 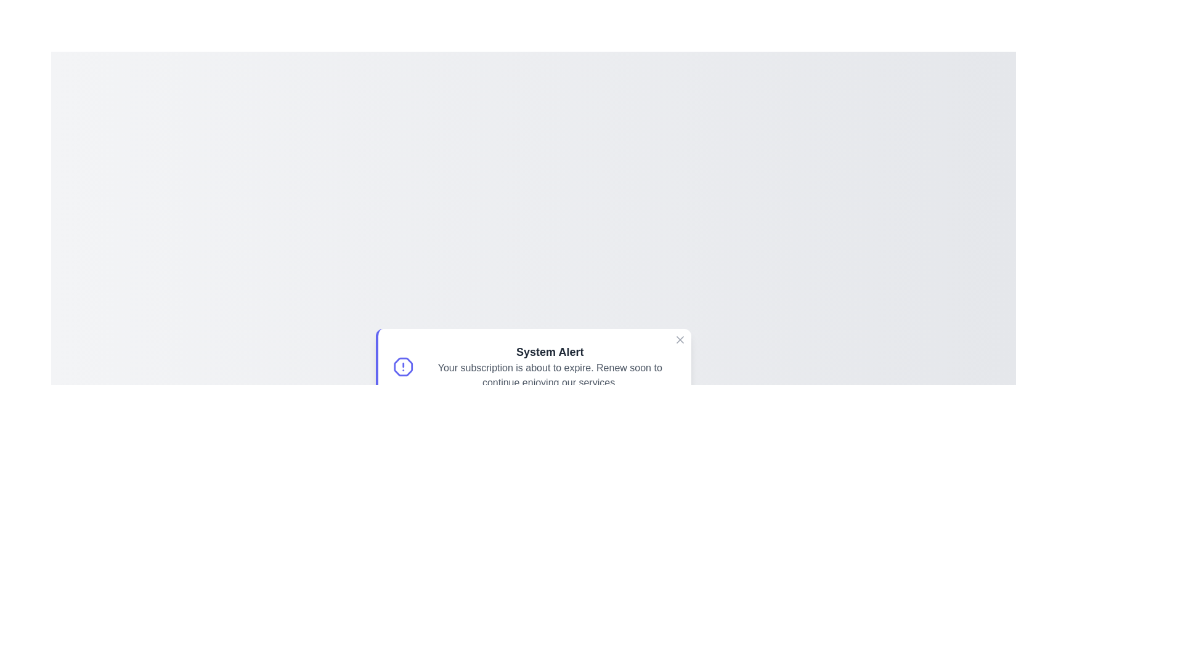 I want to click on the icon to explore its functionality, so click(x=403, y=366).